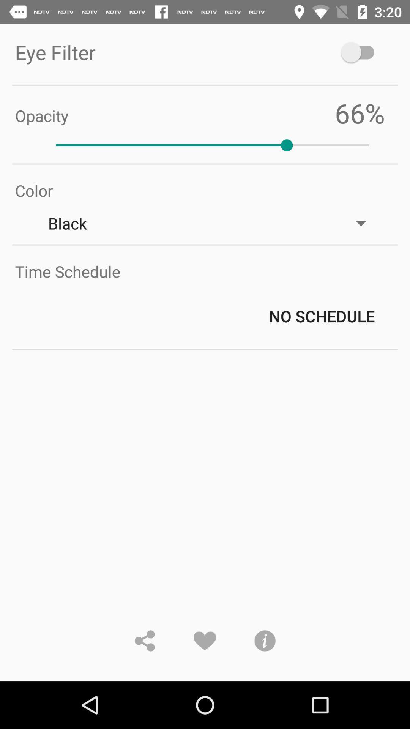 This screenshot has width=410, height=729. I want to click on the item next to the eye filter item, so click(361, 52).